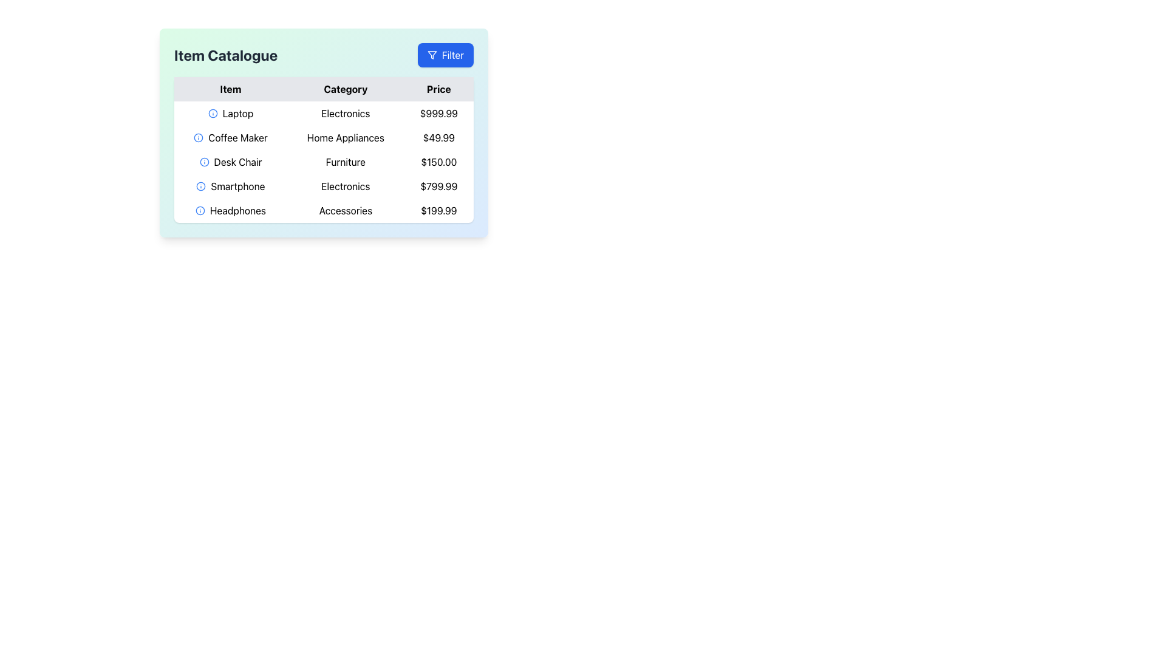 The image size is (1166, 656). I want to click on the filter button located on the top right corner of the 'Item Catalogue' interface, so click(445, 55).